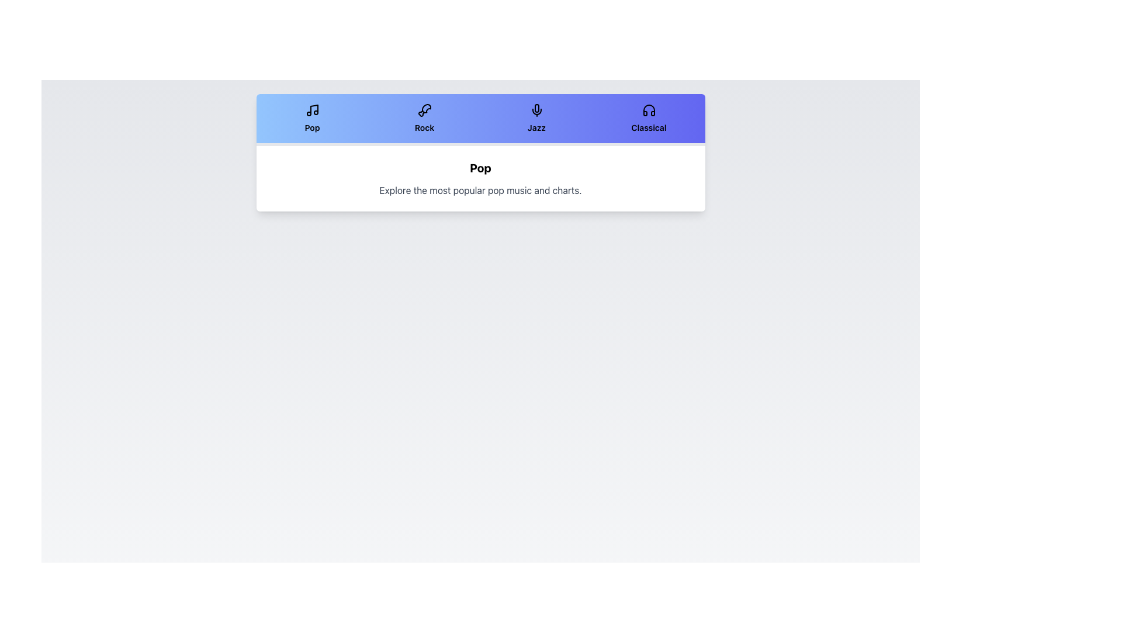  What do you see at coordinates (312, 119) in the screenshot?
I see `the 'Pop' tab navigation button located in the top navigation bar` at bounding box center [312, 119].